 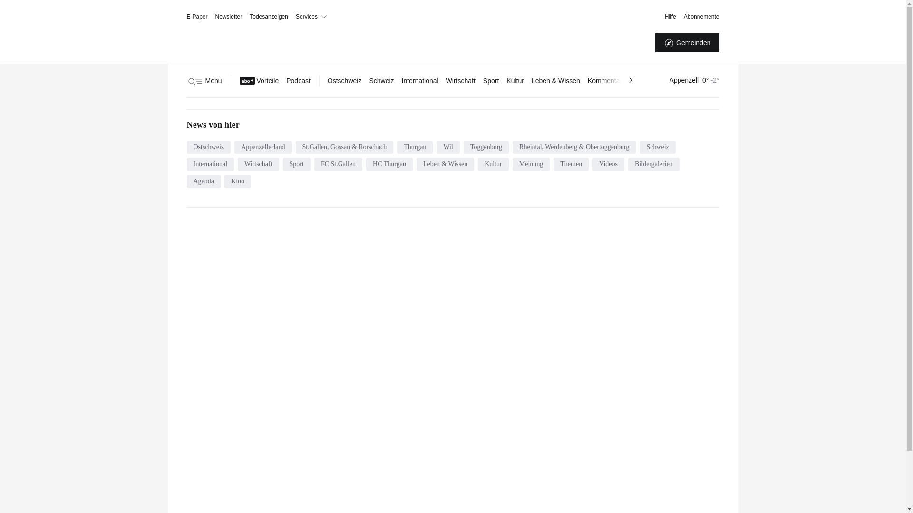 I want to click on 'FC St.Gallen', so click(x=338, y=164).